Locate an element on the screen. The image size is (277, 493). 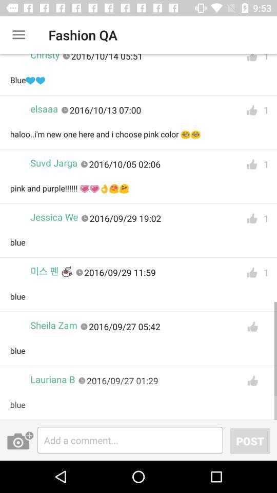
like is located at coordinates (252, 326).